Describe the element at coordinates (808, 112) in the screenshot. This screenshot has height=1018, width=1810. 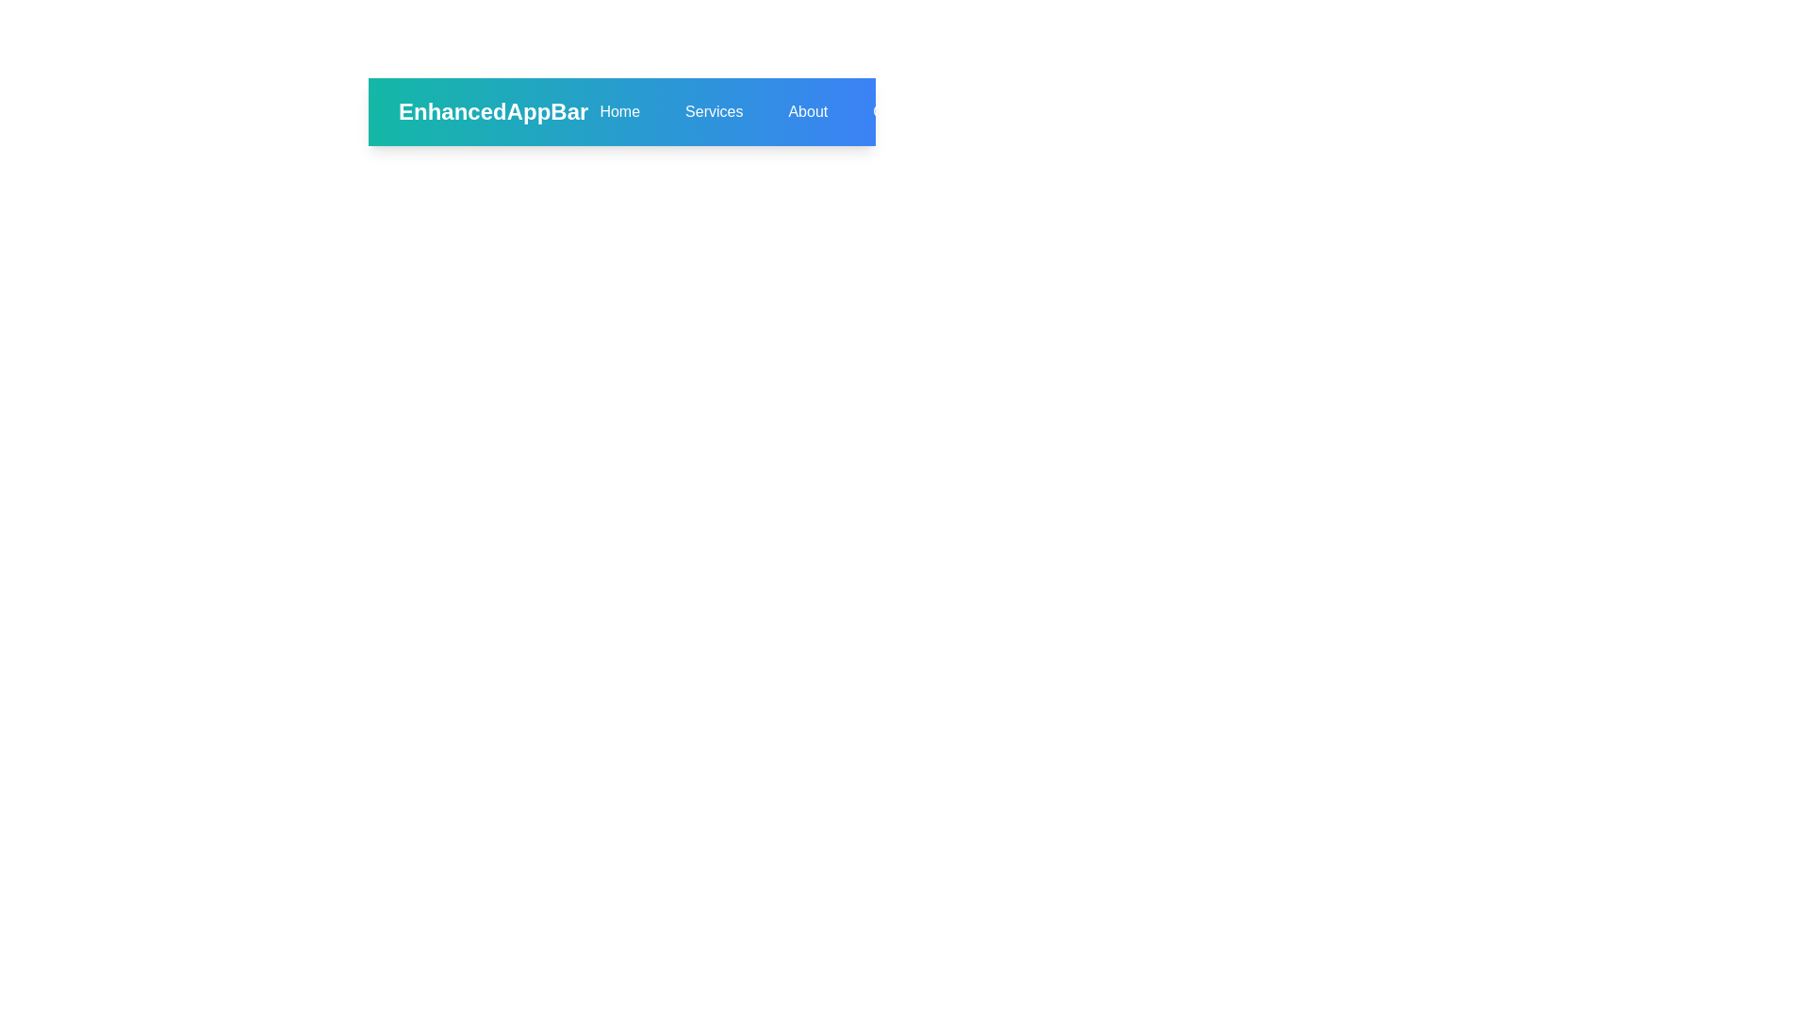
I see `the About navigation link` at that location.